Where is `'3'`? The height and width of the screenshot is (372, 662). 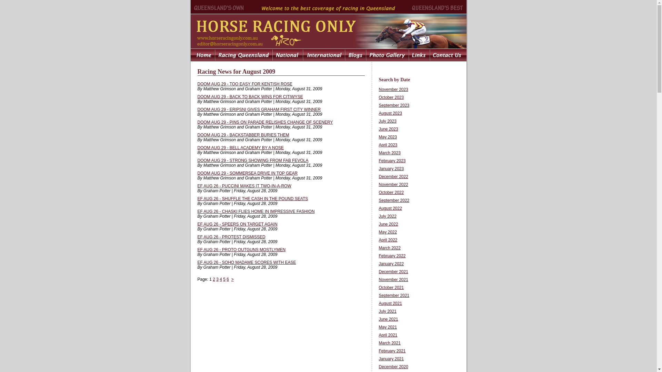 '3' is located at coordinates (217, 279).